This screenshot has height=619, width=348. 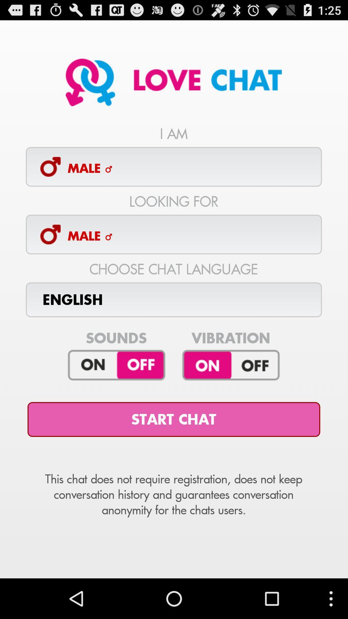 What do you see at coordinates (231, 365) in the screenshot?
I see `vibration option` at bounding box center [231, 365].